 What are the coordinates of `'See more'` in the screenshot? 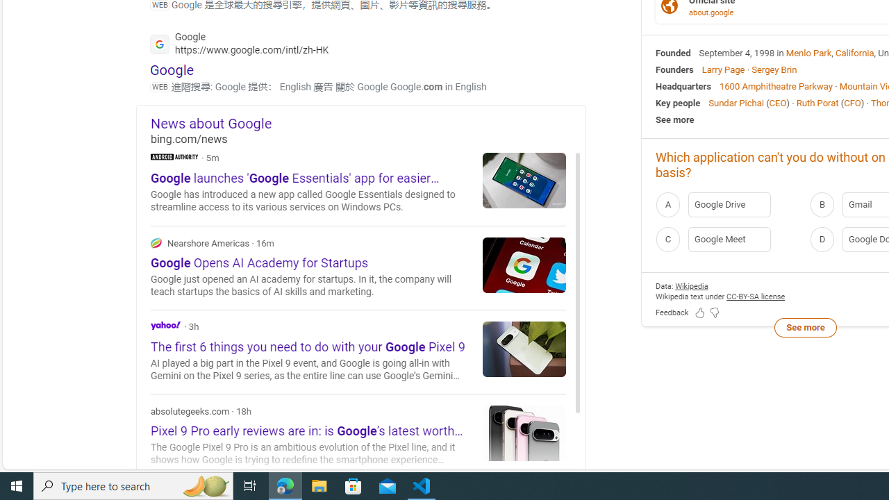 It's located at (805, 327).